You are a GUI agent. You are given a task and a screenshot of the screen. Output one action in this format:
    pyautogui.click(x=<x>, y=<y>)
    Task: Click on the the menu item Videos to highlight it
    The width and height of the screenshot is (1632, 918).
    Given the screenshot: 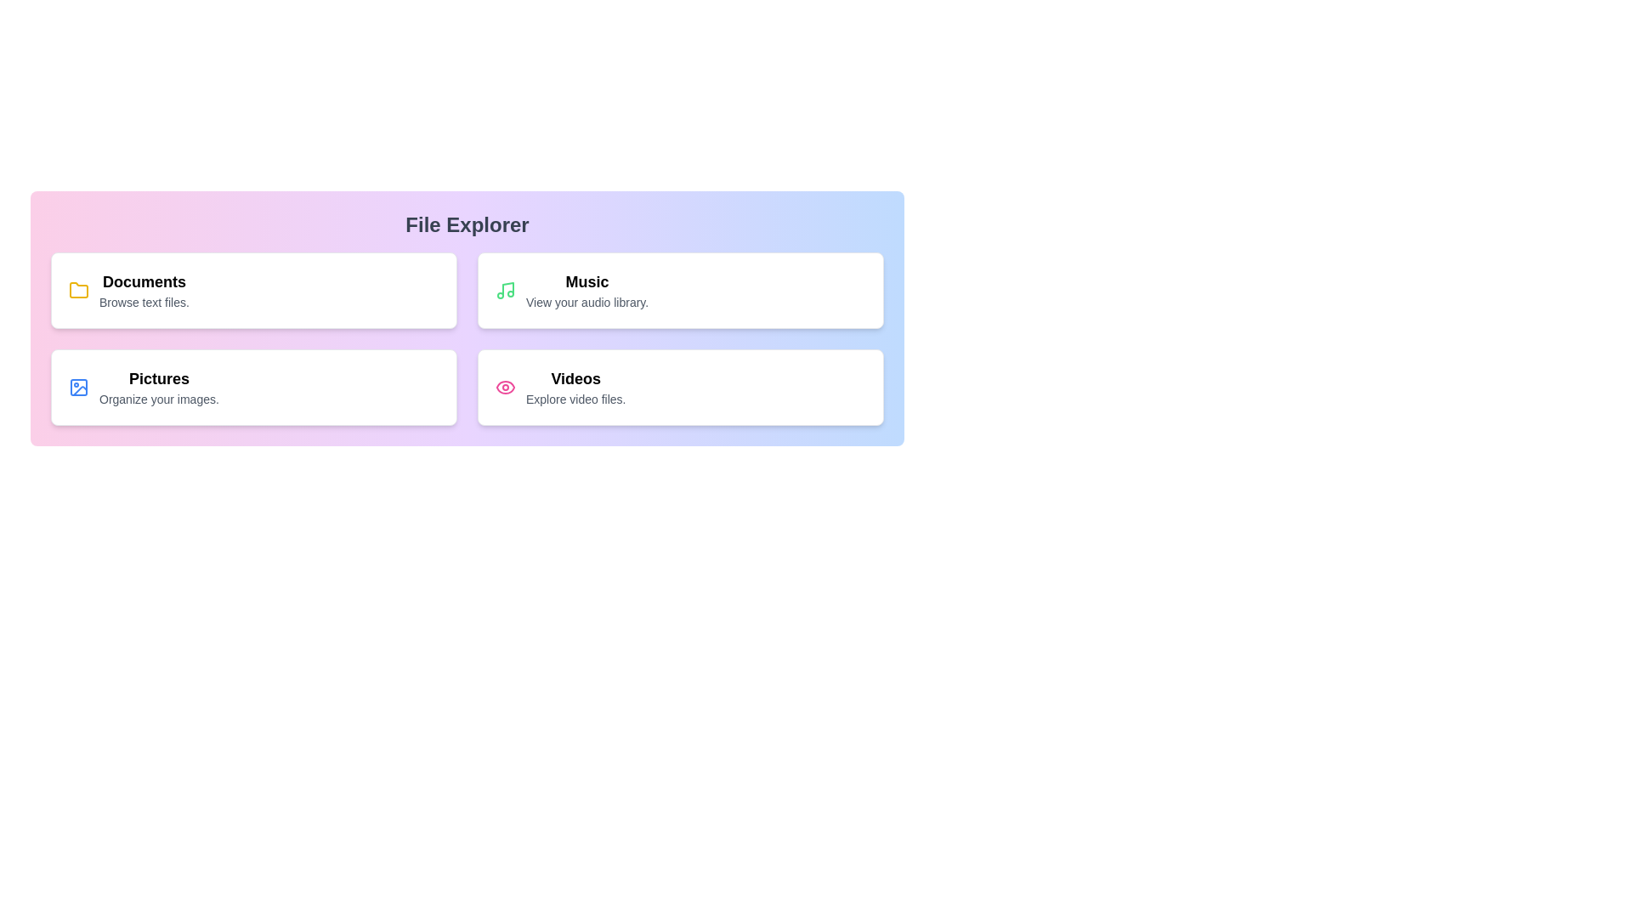 What is the action you would take?
    pyautogui.click(x=681, y=387)
    